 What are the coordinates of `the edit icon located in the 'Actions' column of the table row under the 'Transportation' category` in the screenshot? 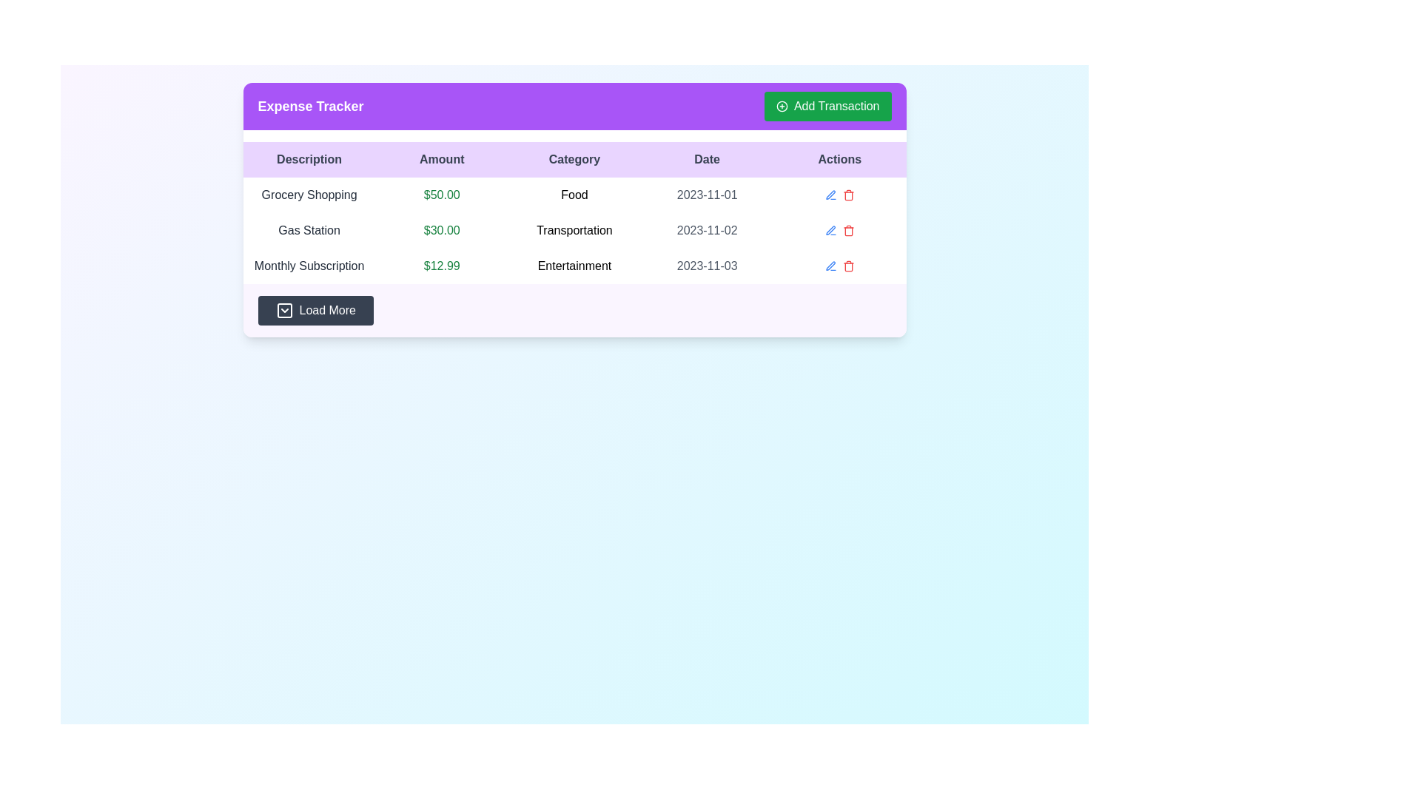 It's located at (830, 231).